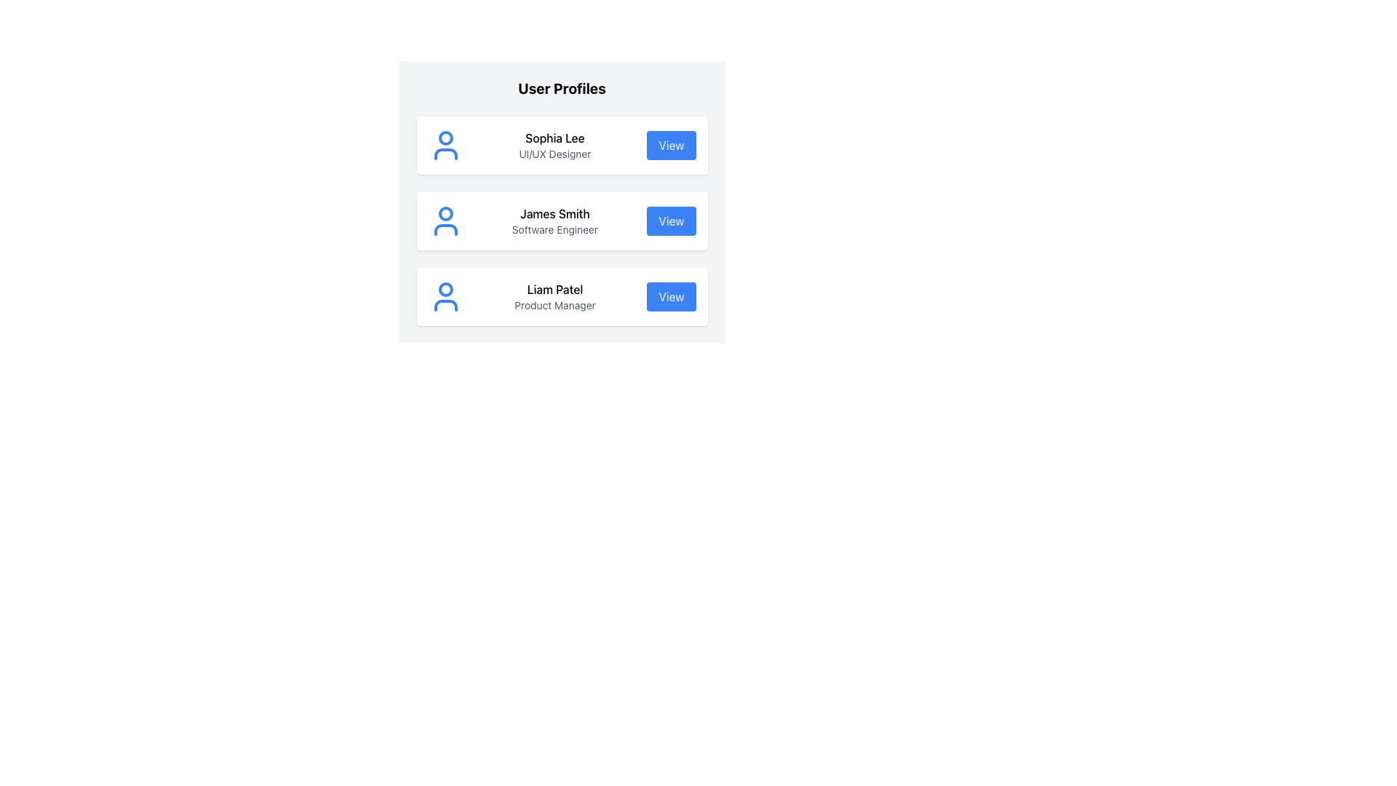  Describe the element at coordinates (445, 305) in the screenshot. I see `the decorative torso icon fragment of the user representation for 'Liam Patel', which is located in the lower portion of the icon and is centered within the icon box` at that location.